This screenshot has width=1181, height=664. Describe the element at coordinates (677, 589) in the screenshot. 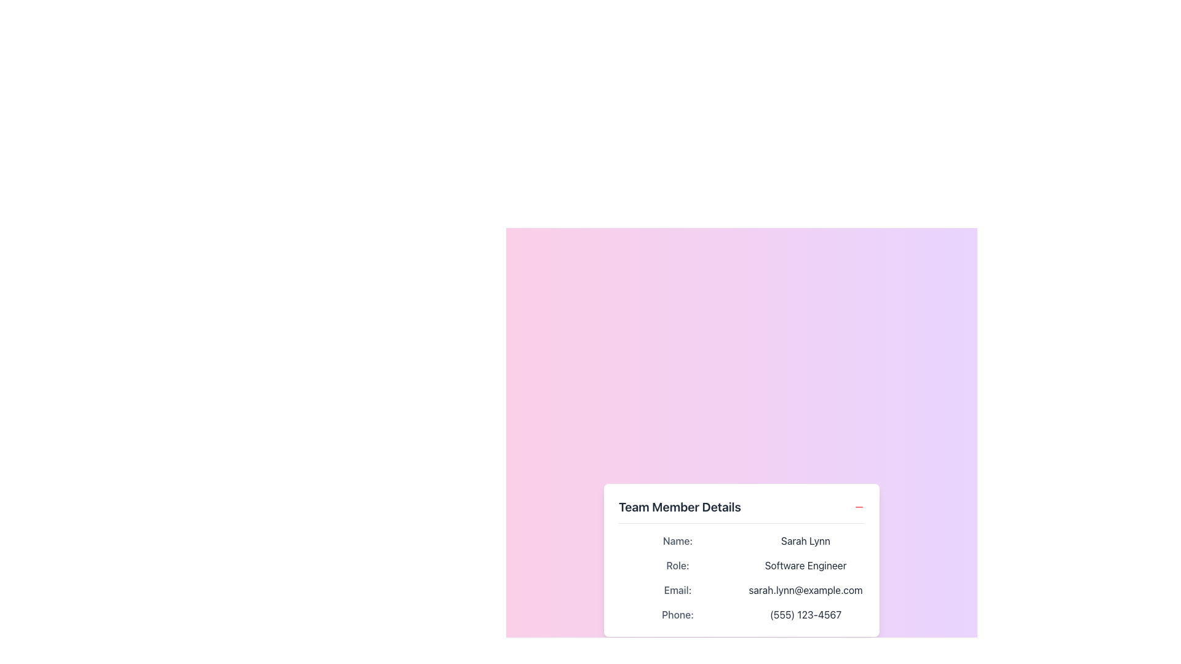

I see `the static text label that identifies the email address, positioned between the 'Role:' label above and the 'Phone:' label below in the left column of a grid layout` at that location.